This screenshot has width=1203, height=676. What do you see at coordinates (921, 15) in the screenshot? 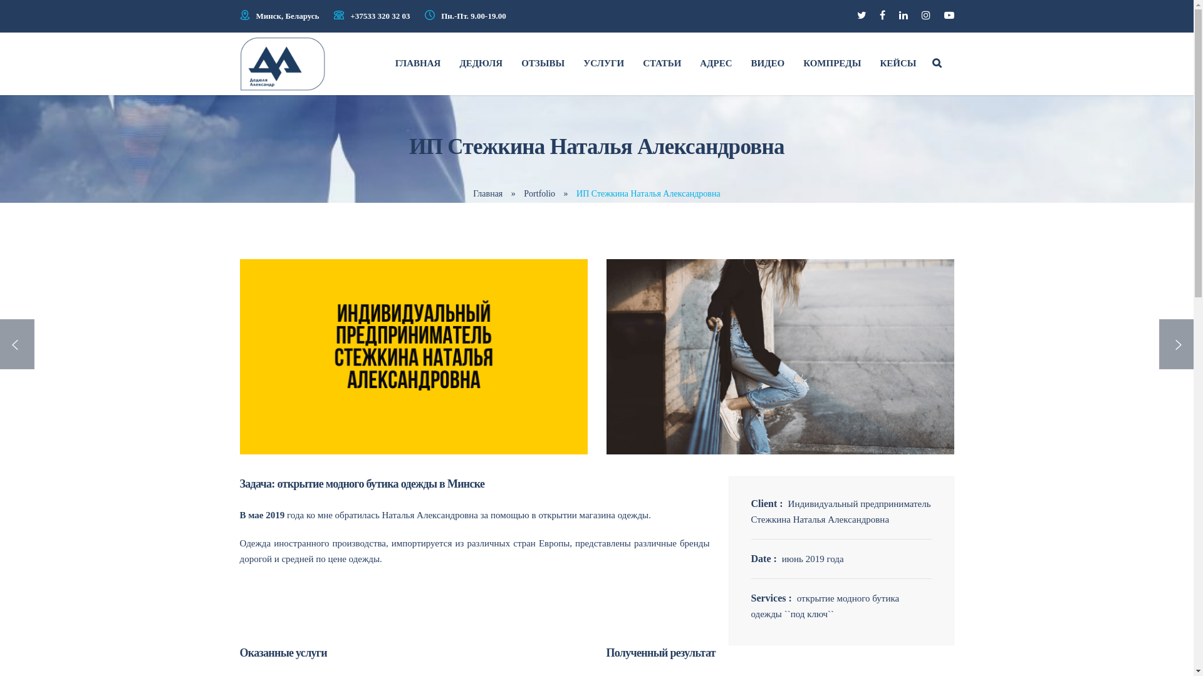
I see `'Instagram'` at bounding box center [921, 15].